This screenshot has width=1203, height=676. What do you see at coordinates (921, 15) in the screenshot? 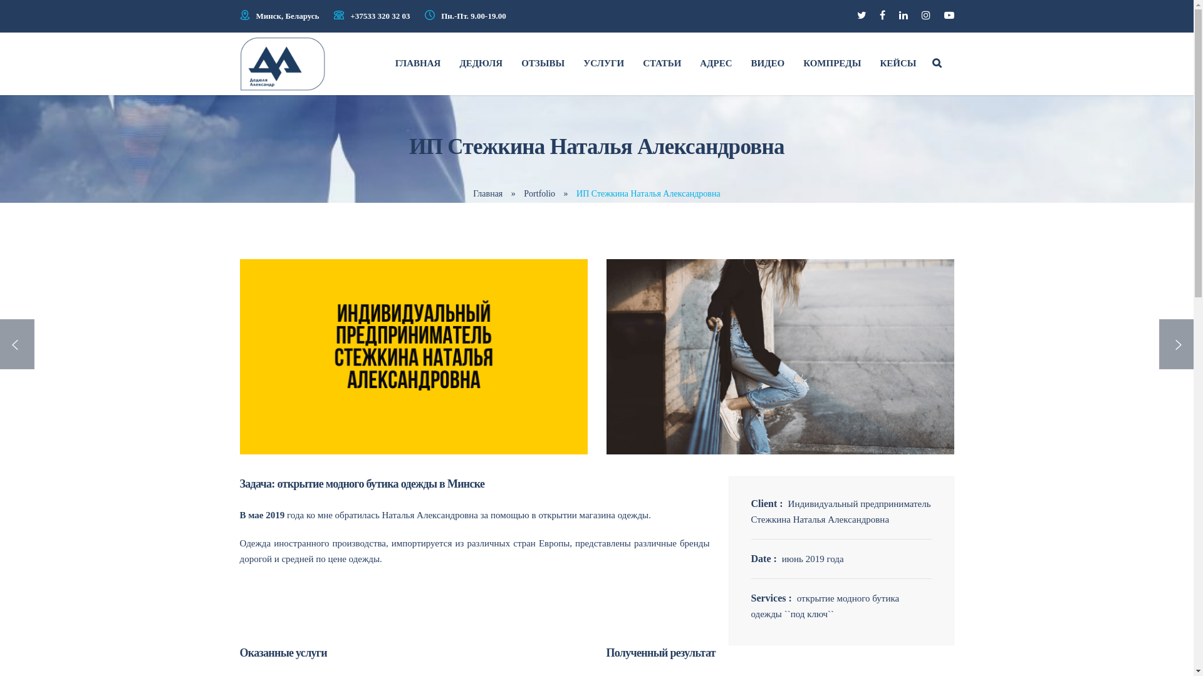
I see `'Instagram'` at bounding box center [921, 15].